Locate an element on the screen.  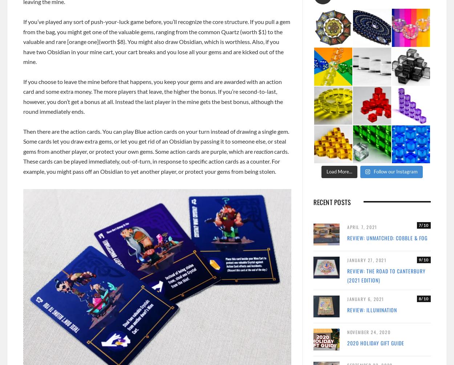
'Then there are the action cards. You can play Blue action cards on your turn instead of drawing a single gem. Some cards let you draw extra gems, or let you get rid of an Obsidian by passing it to someone else, or steal gems from another player, or protect your own gems. Some action cards are purple, which are' is located at coordinates (156, 141).